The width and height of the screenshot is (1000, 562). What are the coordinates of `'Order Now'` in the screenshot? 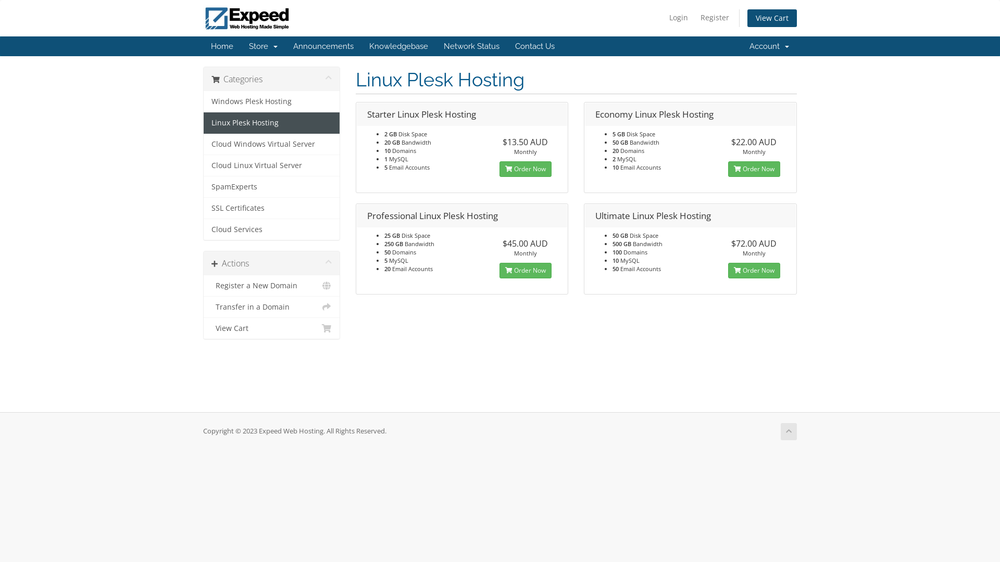 It's located at (525, 270).